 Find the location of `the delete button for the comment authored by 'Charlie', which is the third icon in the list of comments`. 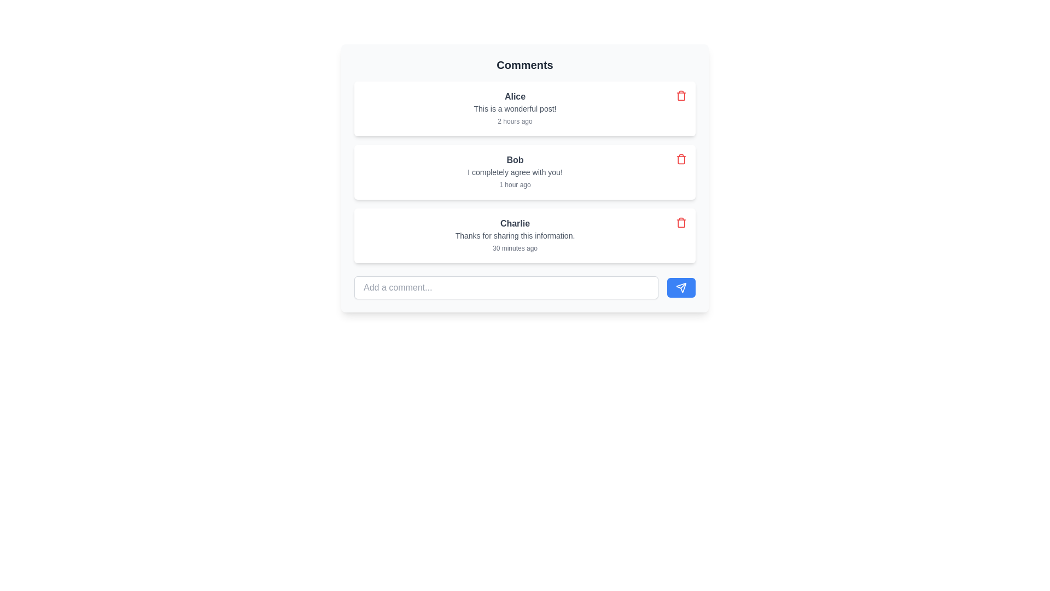

the delete button for the comment authored by 'Charlie', which is the third icon in the list of comments is located at coordinates (681, 222).